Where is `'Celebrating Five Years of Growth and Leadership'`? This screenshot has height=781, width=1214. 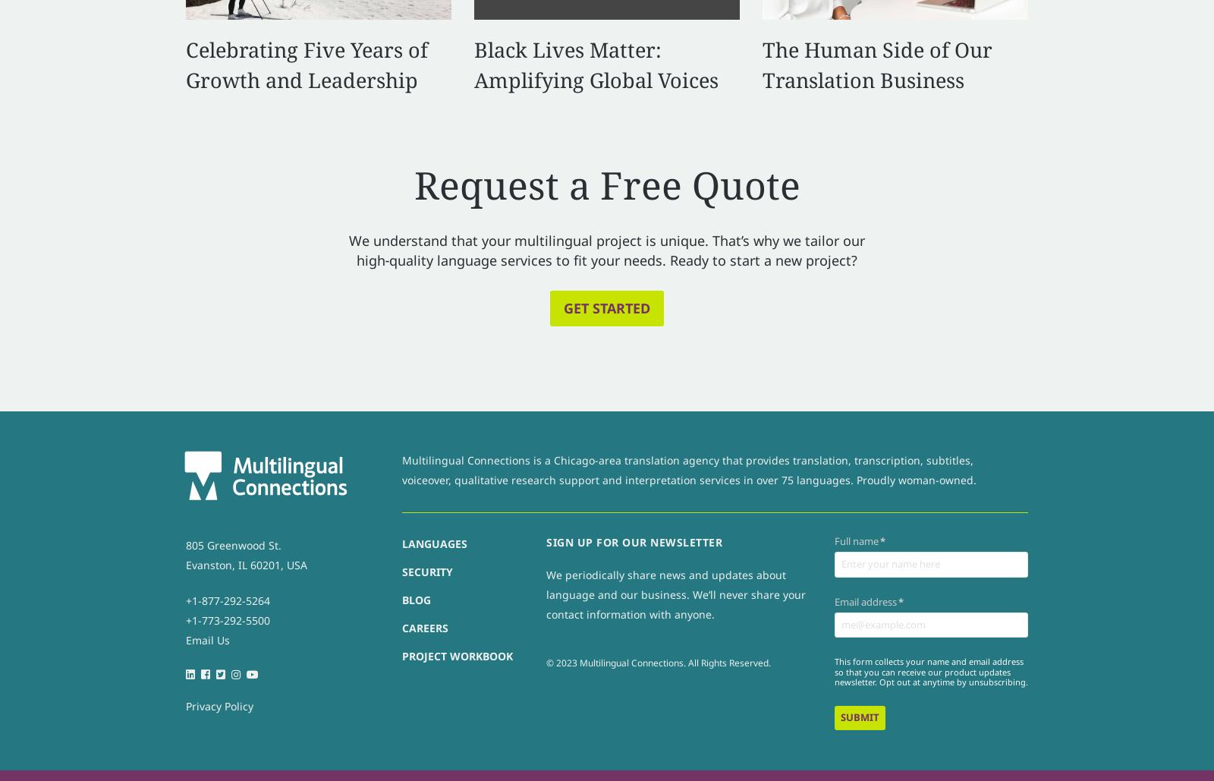
'Celebrating Five Years of Growth and Leadership' is located at coordinates (306, 64).